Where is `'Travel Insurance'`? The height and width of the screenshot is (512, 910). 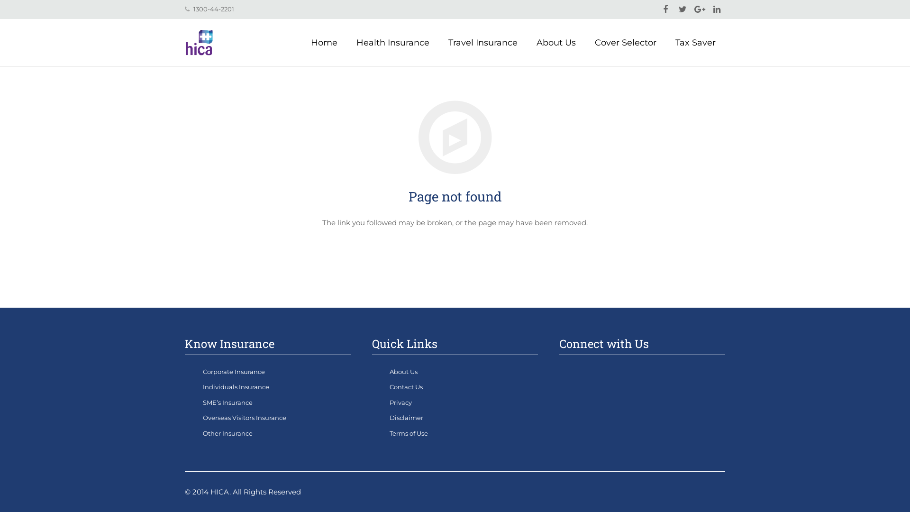 'Travel Insurance' is located at coordinates (482, 42).